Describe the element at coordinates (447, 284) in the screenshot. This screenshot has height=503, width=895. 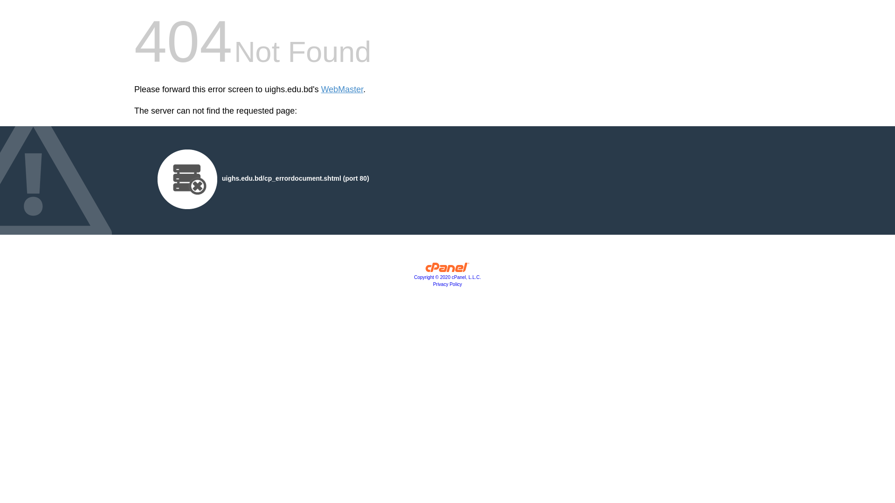
I see `'Privacy Policy'` at that location.